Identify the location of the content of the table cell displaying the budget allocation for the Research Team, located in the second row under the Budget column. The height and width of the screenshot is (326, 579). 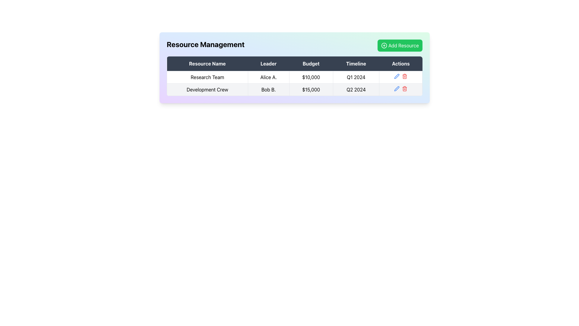
(295, 83).